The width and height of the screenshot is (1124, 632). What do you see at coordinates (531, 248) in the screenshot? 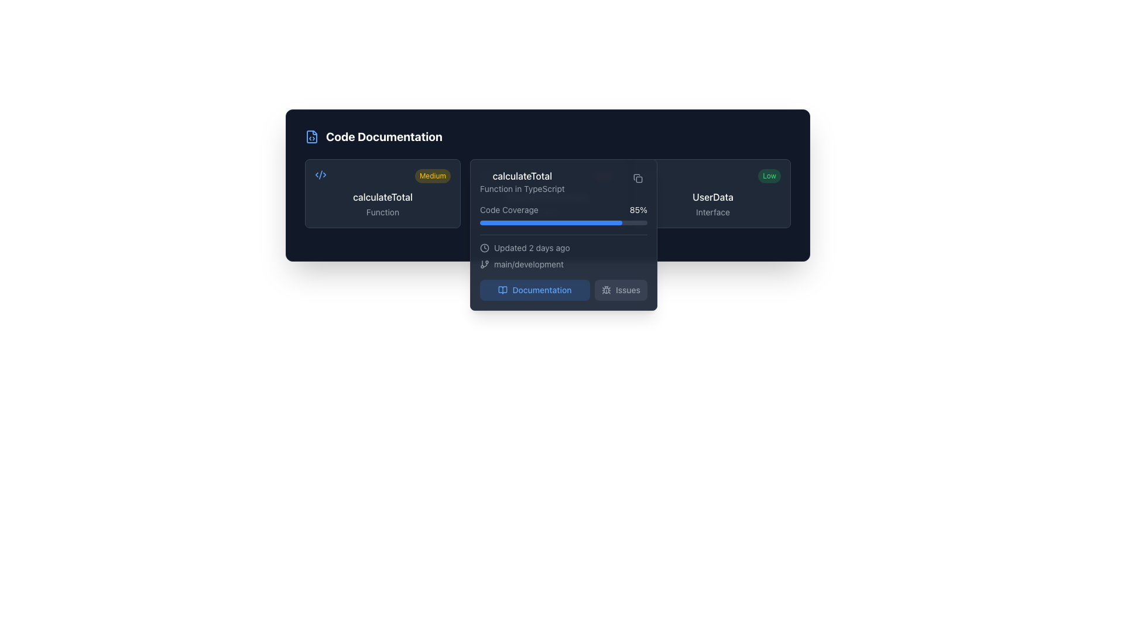
I see `informational static text label indicating the last update timestamp, positioned to the right of a clock icon within the bottom middle section of the card UI` at bounding box center [531, 248].